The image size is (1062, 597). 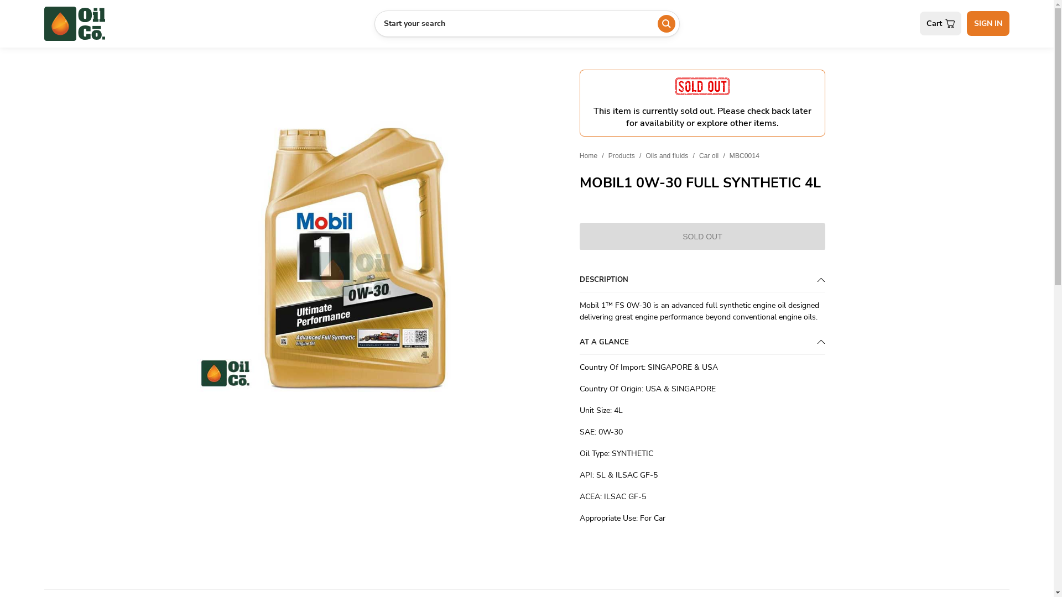 What do you see at coordinates (988, 23) in the screenshot?
I see `'SIGN IN'` at bounding box center [988, 23].